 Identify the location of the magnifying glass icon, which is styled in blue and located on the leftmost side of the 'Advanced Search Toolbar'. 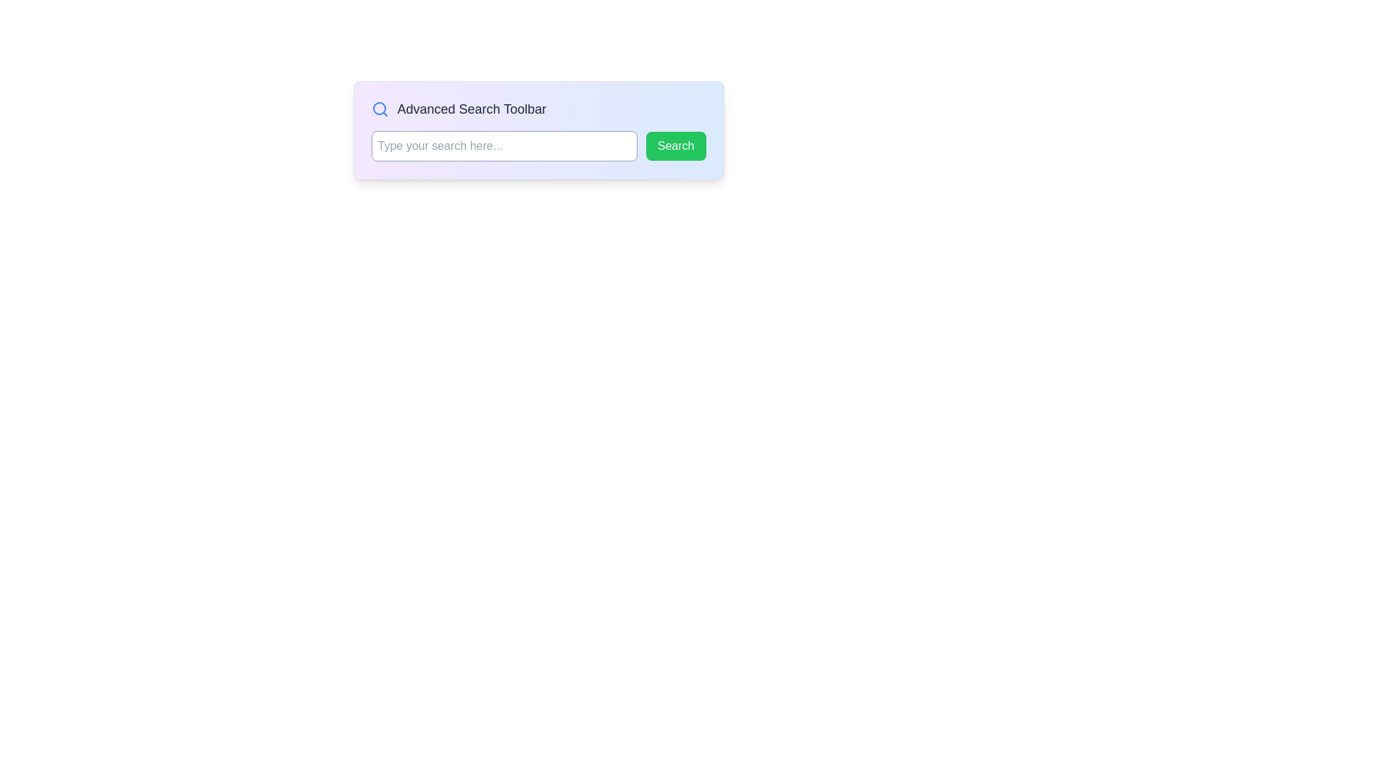
(380, 108).